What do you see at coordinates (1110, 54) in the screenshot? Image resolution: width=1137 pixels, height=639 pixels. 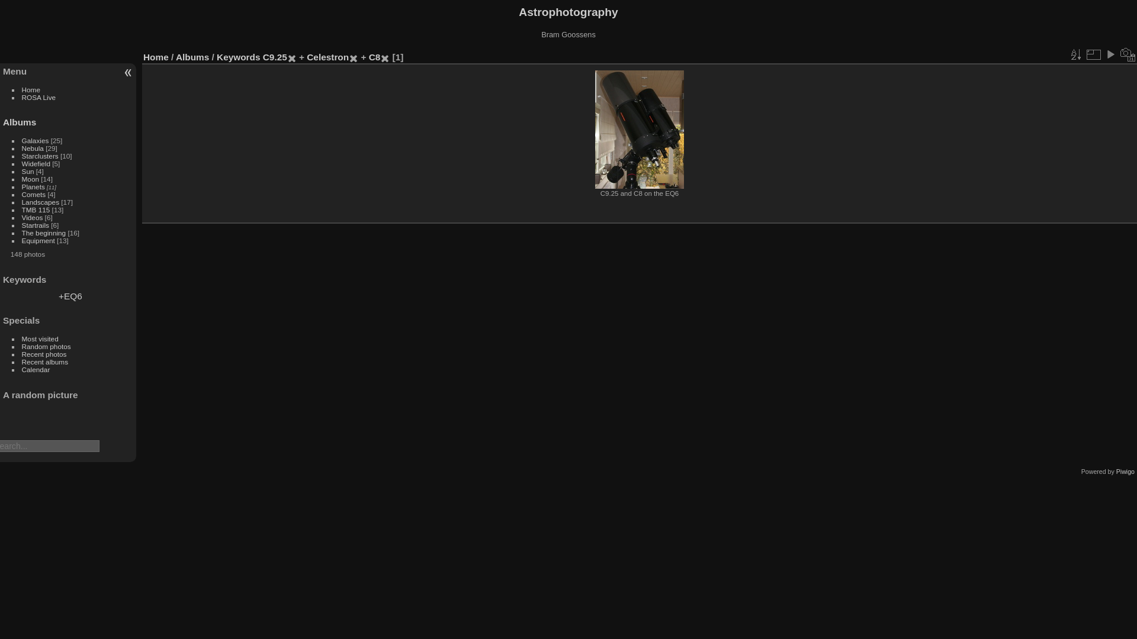 I see `'slideshow'` at bounding box center [1110, 54].